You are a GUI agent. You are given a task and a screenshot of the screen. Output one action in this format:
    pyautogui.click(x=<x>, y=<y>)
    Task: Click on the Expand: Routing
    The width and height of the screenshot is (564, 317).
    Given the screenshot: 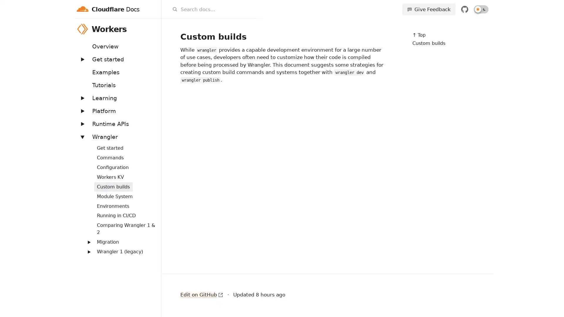 What is the action you would take?
    pyautogui.click(x=85, y=248)
    